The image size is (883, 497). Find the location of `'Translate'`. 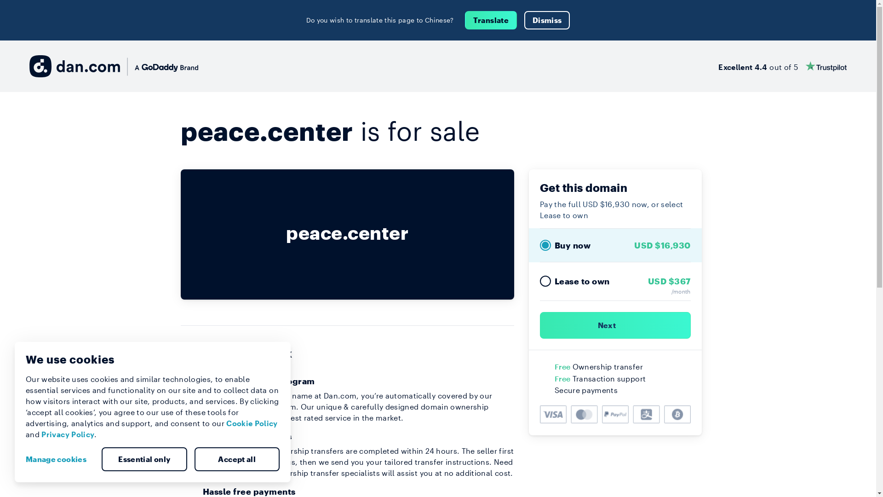

'Translate' is located at coordinates (490, 20).